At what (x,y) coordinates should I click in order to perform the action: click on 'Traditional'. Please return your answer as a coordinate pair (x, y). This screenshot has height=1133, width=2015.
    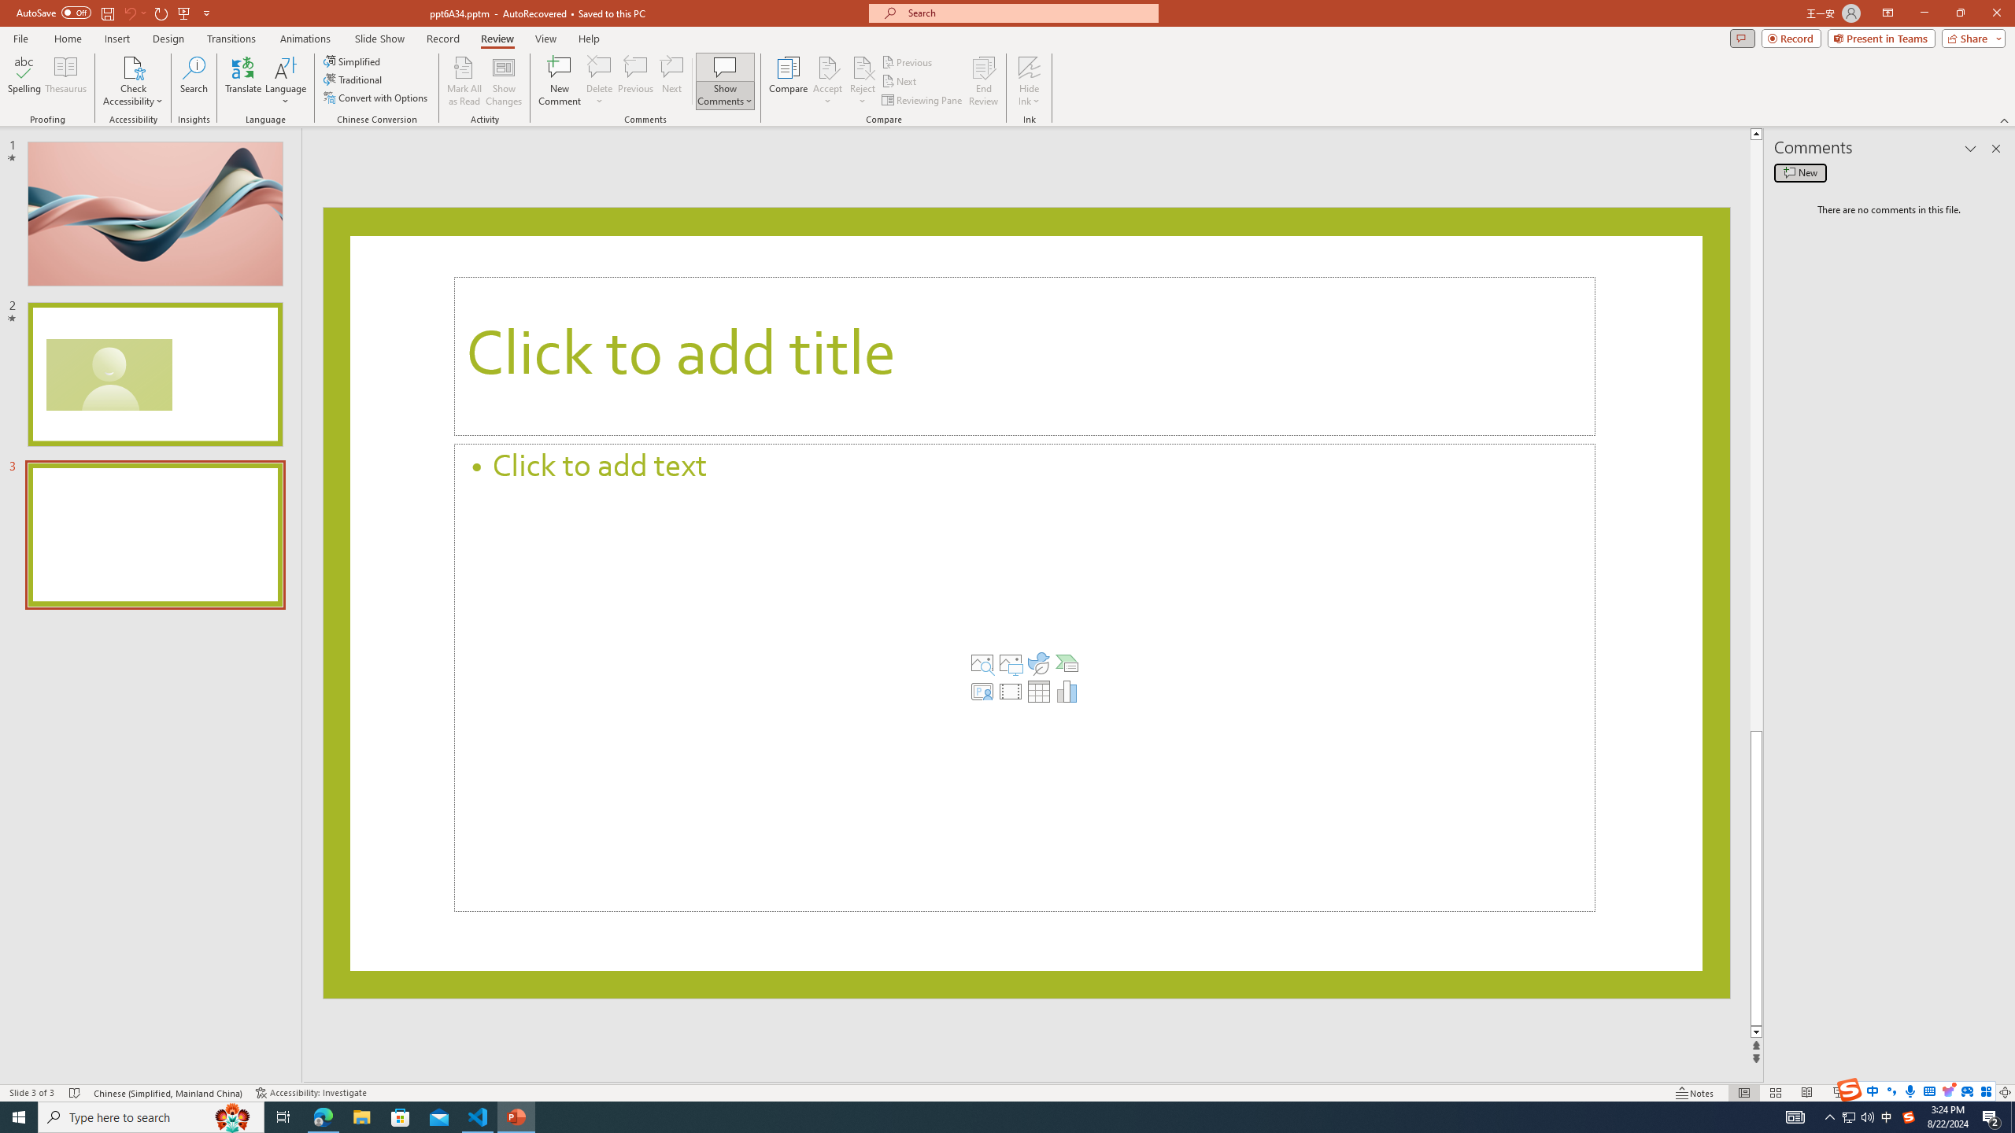
    Looking at the image, I should click on (353, 78).